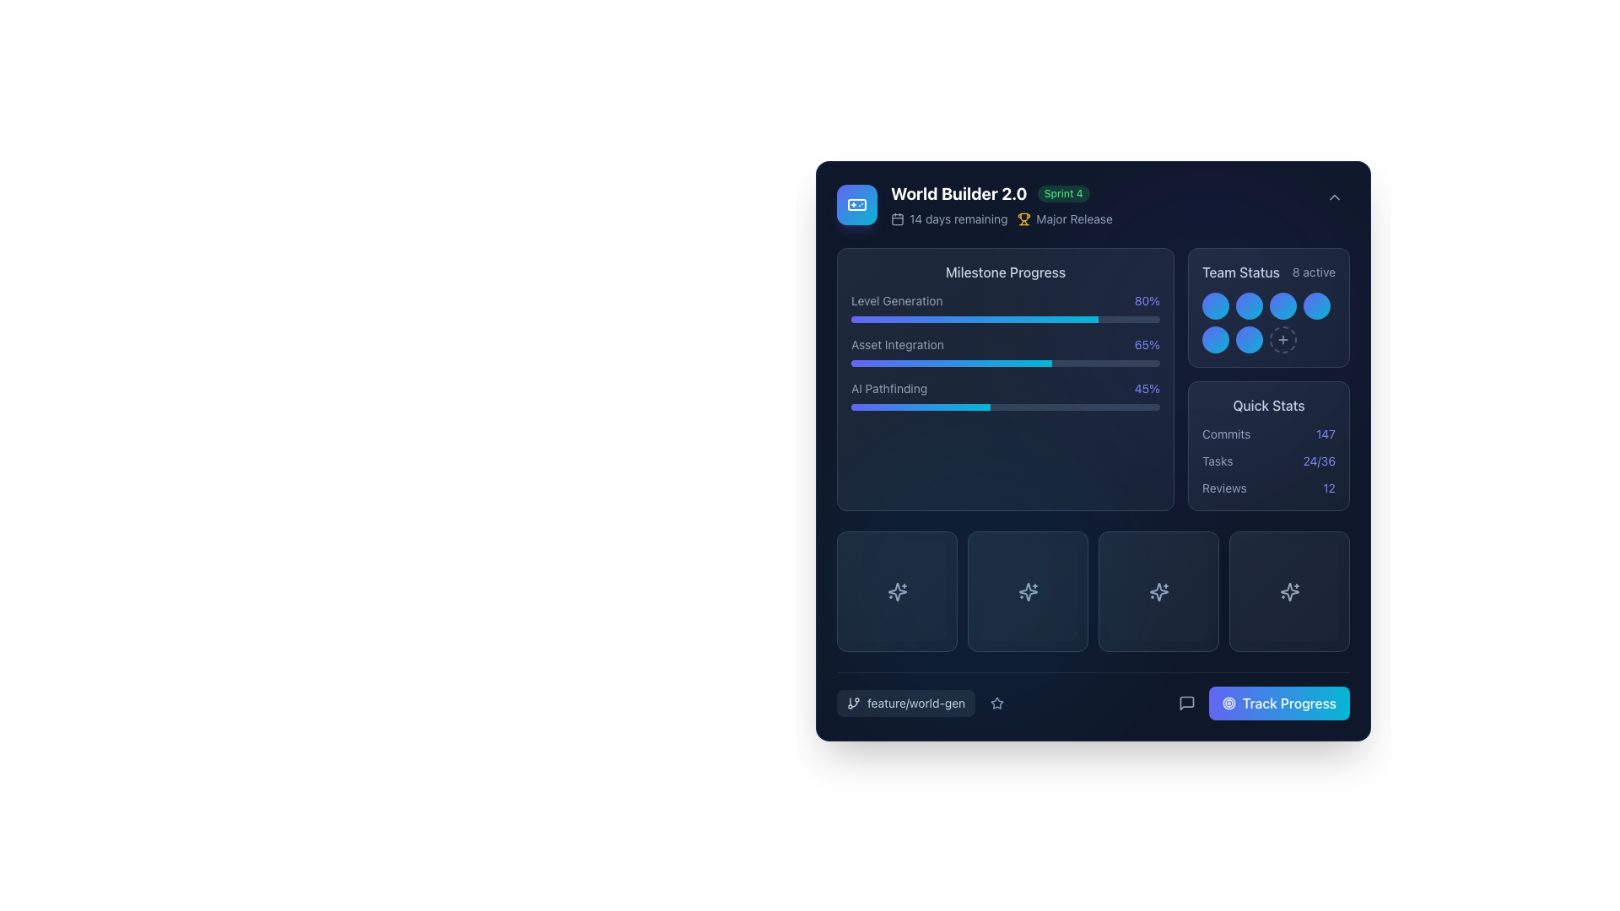 This screenshot has width=1620, height=911. I want to click on the third circular decorative icon in the first row of a 2x4 grid, which features a gradient from indigo to cyan, located in the 'Team Status' section, so click(1282, 305).